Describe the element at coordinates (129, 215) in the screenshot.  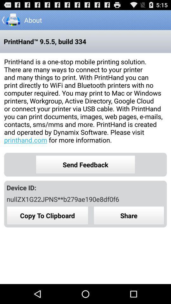
I see `the share item` at that location.